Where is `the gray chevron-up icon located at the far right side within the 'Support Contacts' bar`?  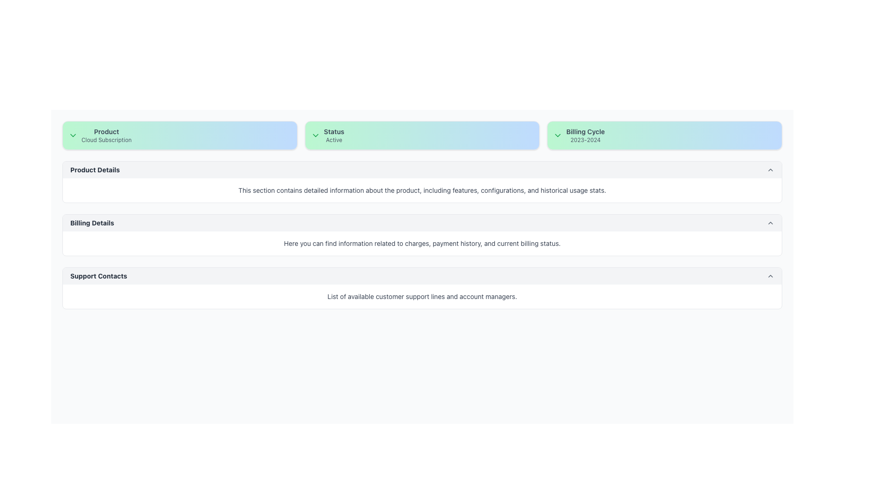
the gray chevron-up icon located at the far right side within the 'Support Contacts' bar is located at coordinates (771, 276).